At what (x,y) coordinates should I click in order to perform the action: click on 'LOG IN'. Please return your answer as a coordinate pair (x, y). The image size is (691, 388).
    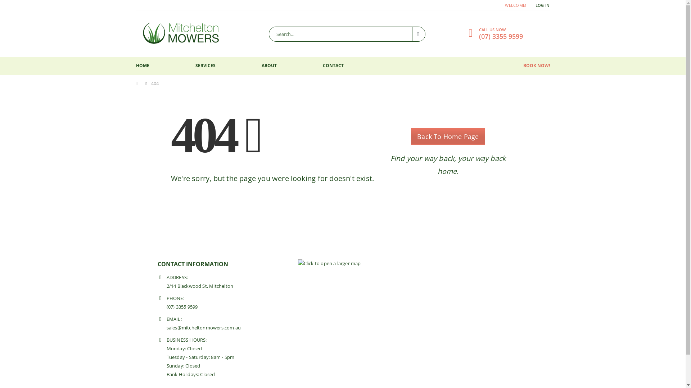
    Looking at the image, I should click on (536, 5).